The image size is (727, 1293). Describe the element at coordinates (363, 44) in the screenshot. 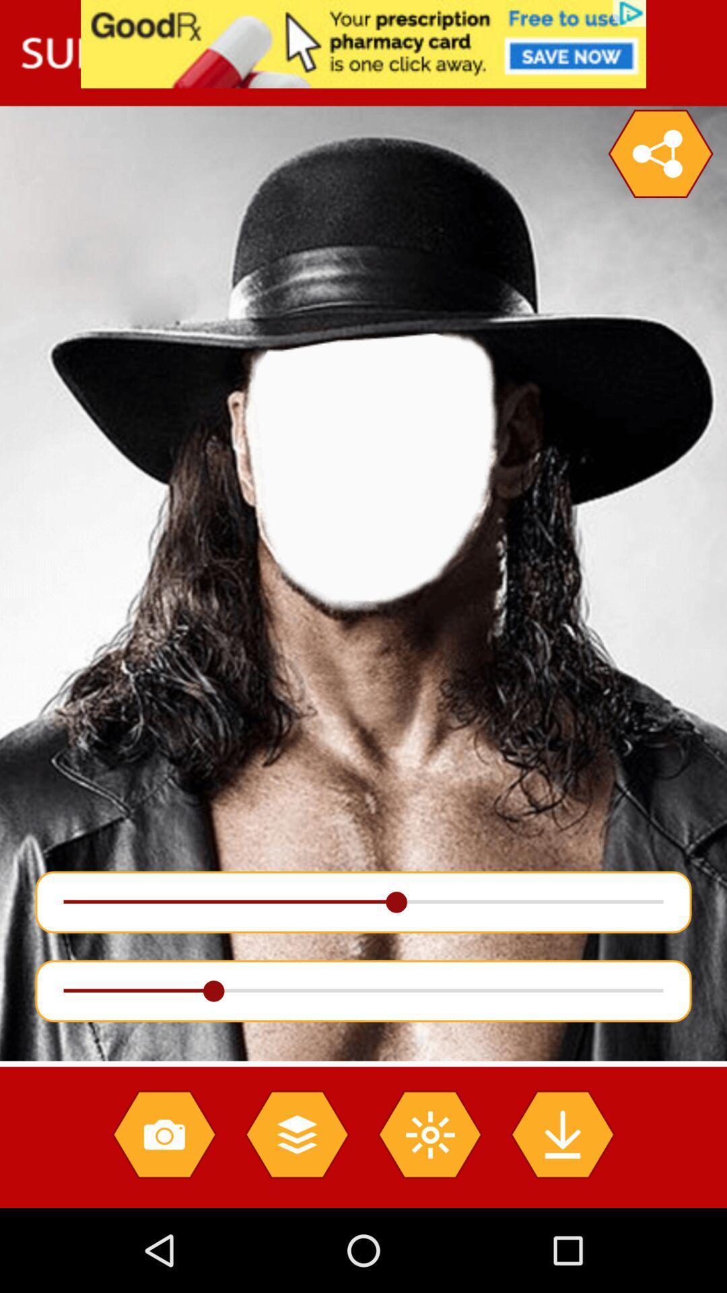

I see `goodrx` at that location.